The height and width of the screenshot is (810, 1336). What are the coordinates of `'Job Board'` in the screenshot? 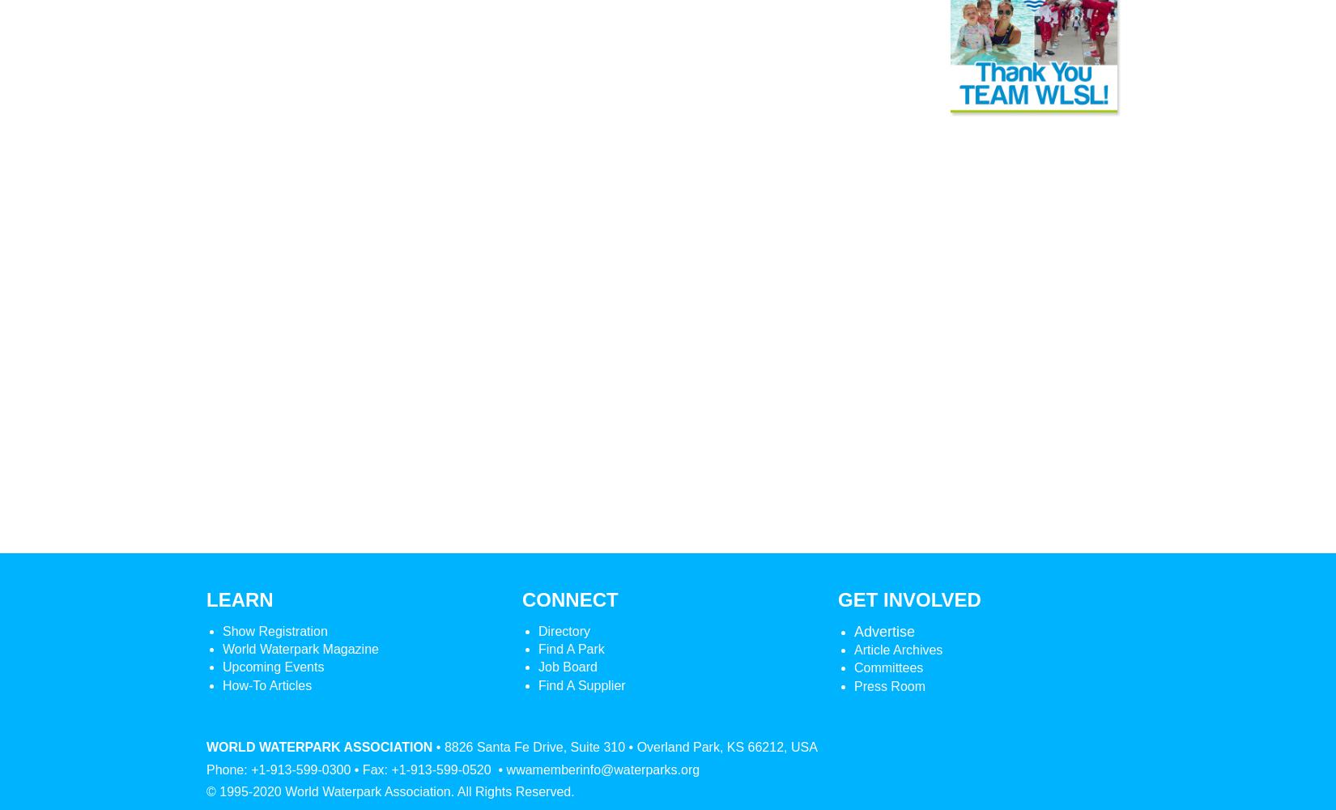 It's located at (566, 666).